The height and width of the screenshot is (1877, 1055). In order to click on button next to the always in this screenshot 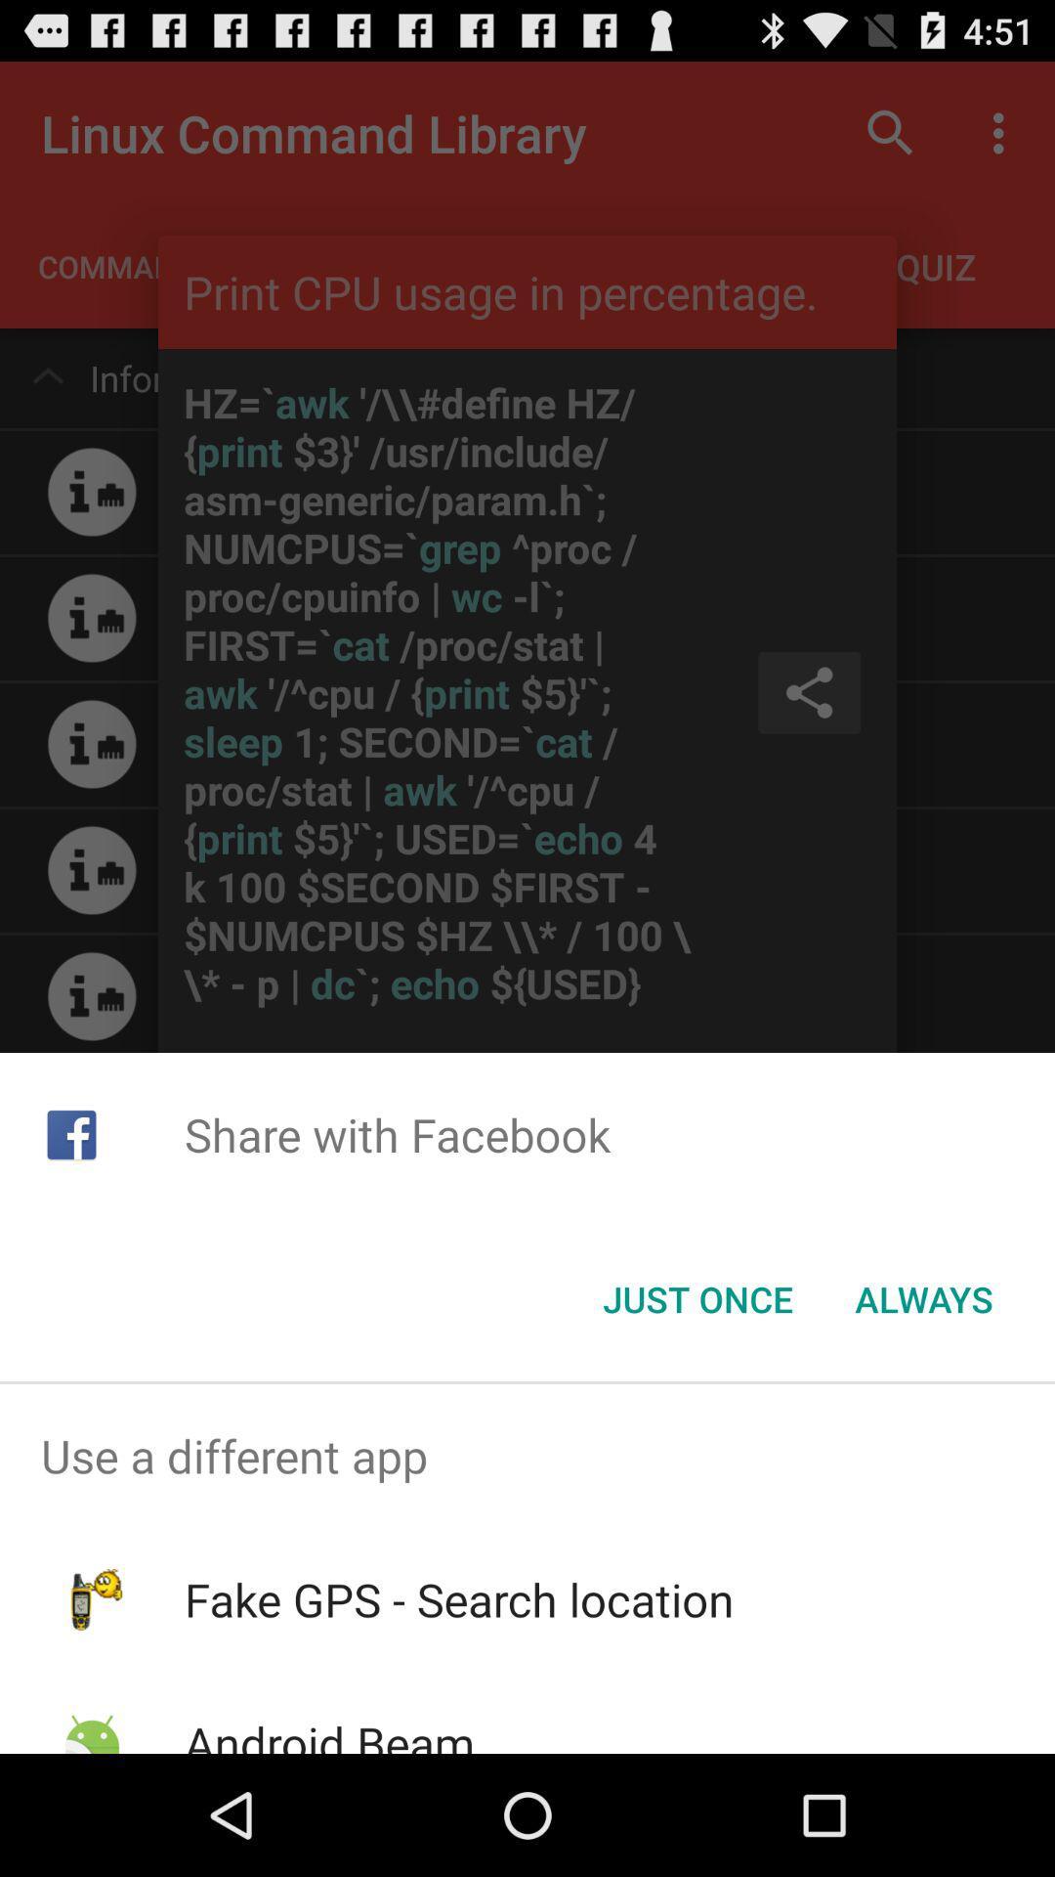, I will do `click(696, 1299)`.